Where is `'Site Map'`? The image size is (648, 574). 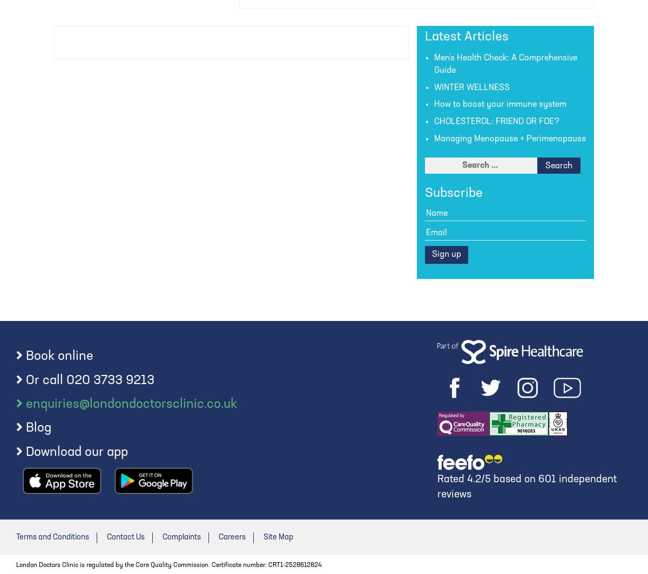 'Site Map' is located at coordinates (278, 537).